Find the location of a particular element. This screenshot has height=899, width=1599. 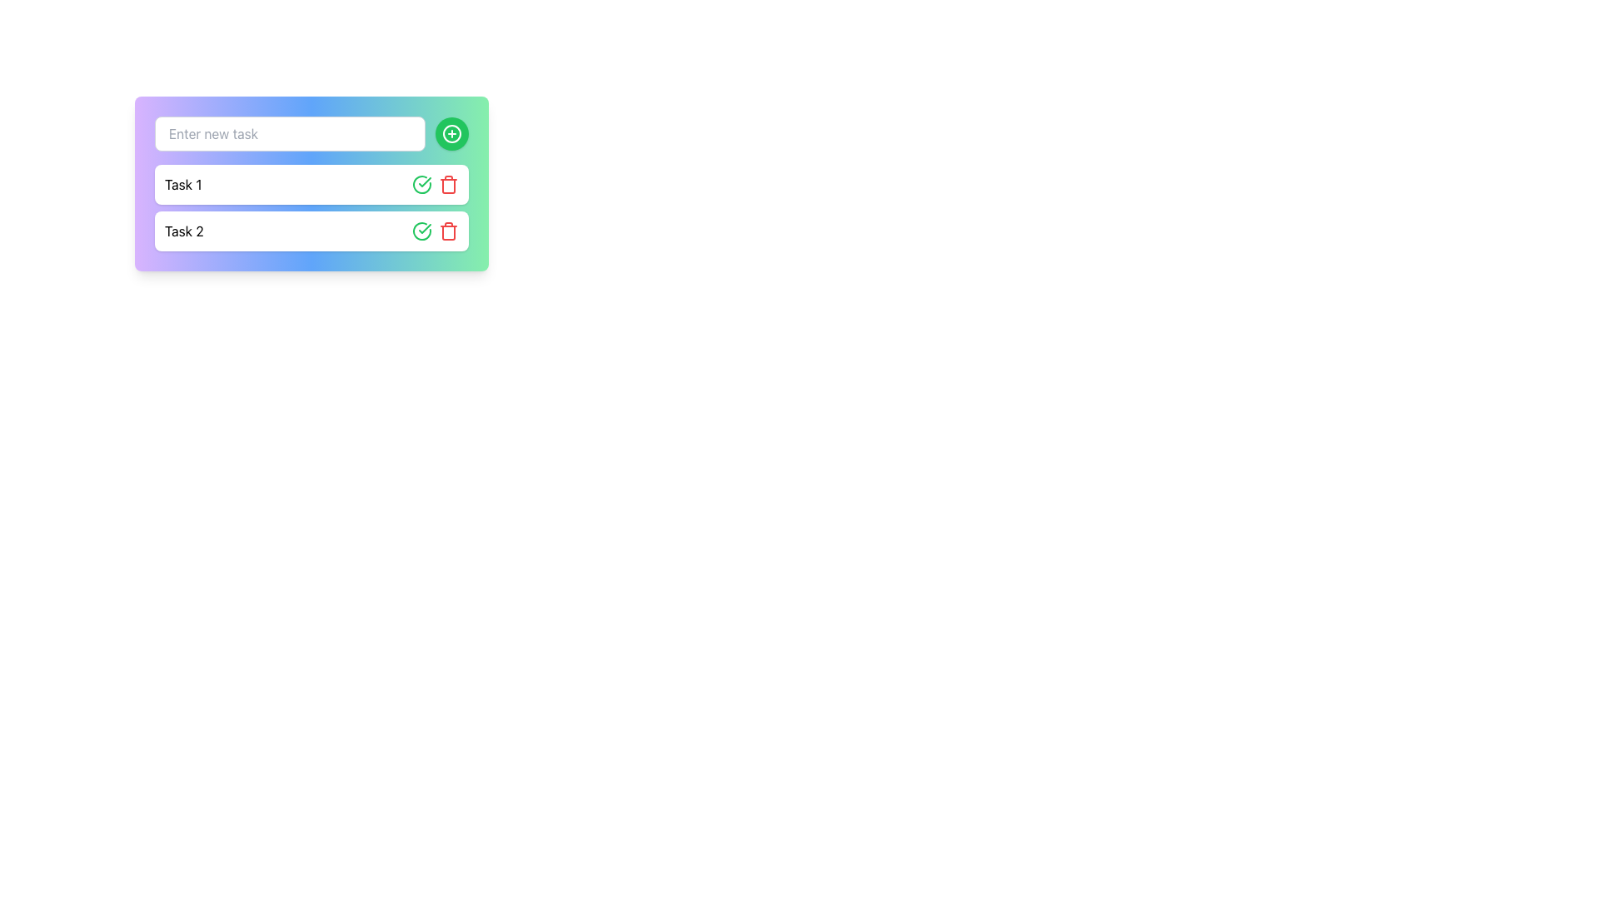

the SVG Circle Element representing the 'add' button located at the top-right corner of the task management interface is located at coordinates (451, 133).